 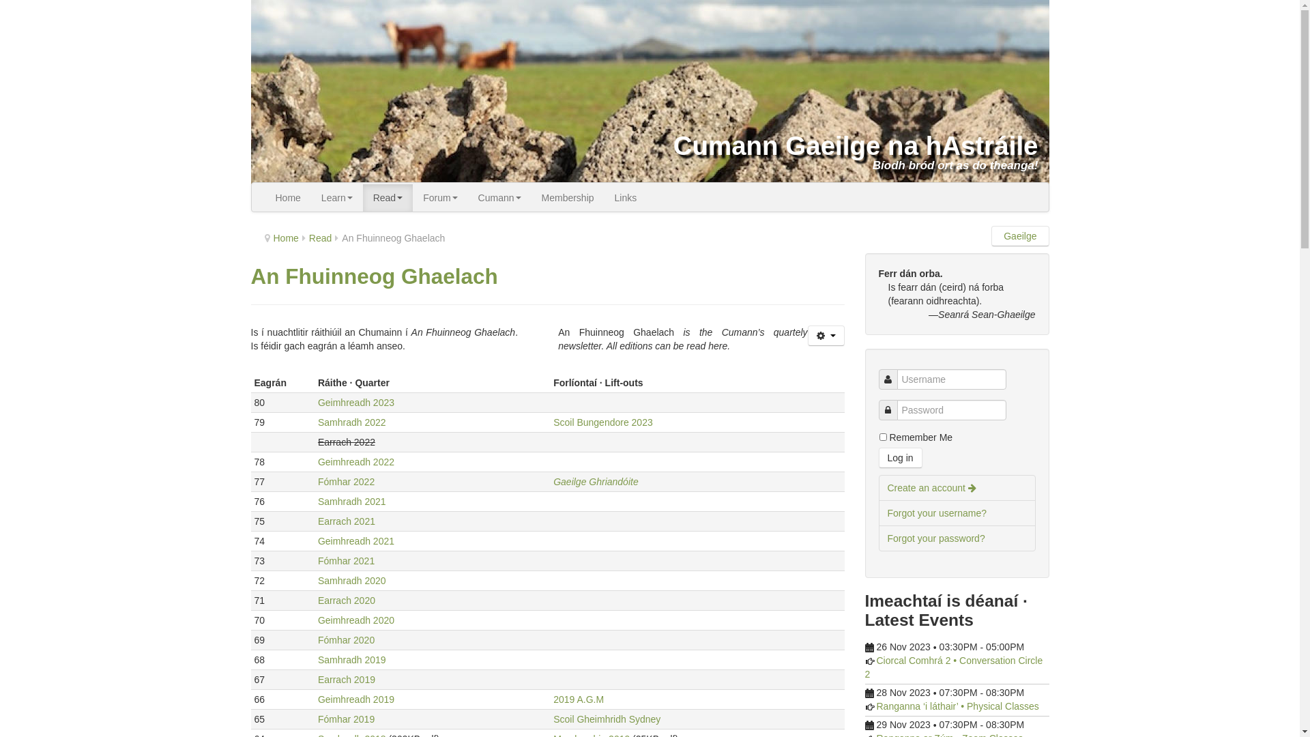 I want to click on 'Geimhreadh 2022', so click(x=356, y=461).